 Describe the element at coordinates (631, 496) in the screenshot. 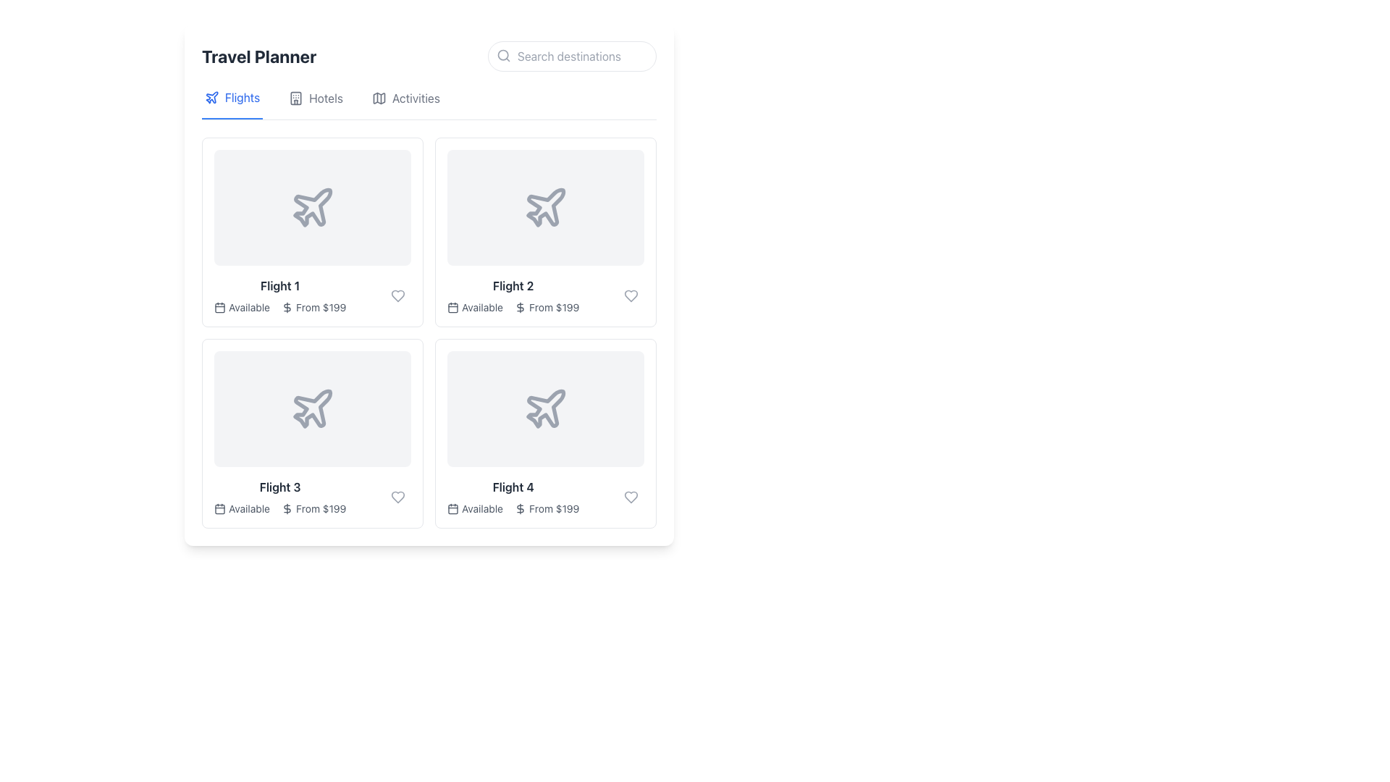

I see `the heart-shaped button located at the bottom-right corner of the cell associated with 'Flight 4'` at that location.